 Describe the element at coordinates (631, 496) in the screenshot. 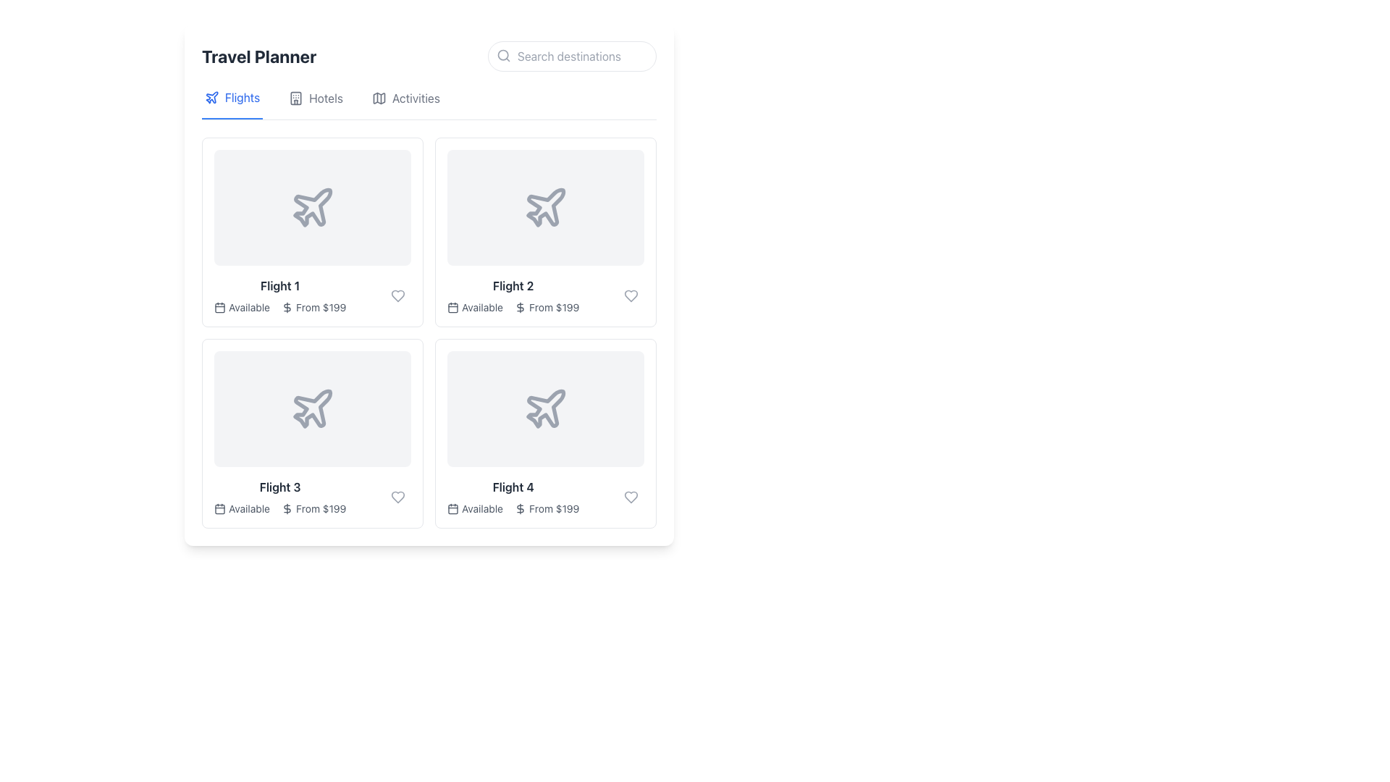

I see `the heart-shaped button located at the bottom-right corner of the cell associated with 'Flight 4'` at that location.